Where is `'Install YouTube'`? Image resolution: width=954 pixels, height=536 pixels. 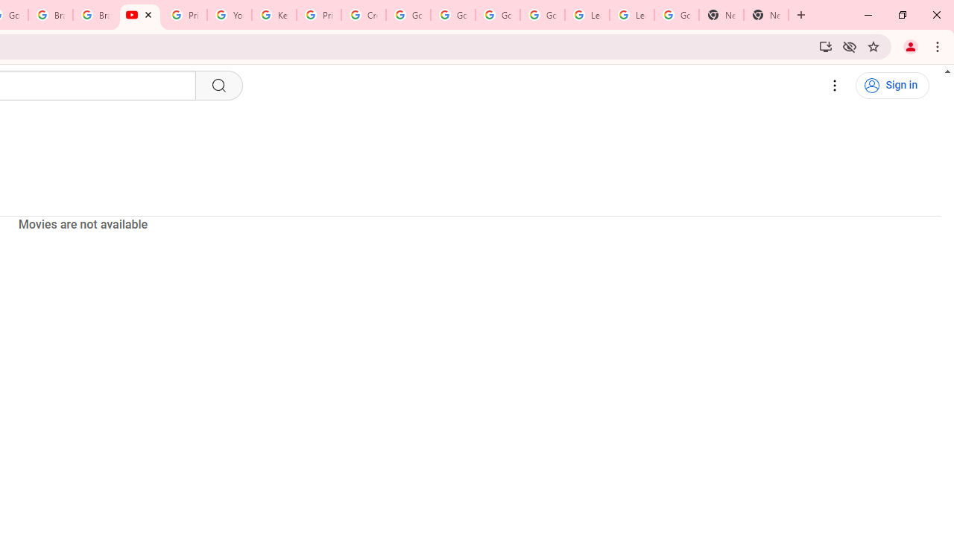 'Install YouTube' is located at coordinates (824, 45).